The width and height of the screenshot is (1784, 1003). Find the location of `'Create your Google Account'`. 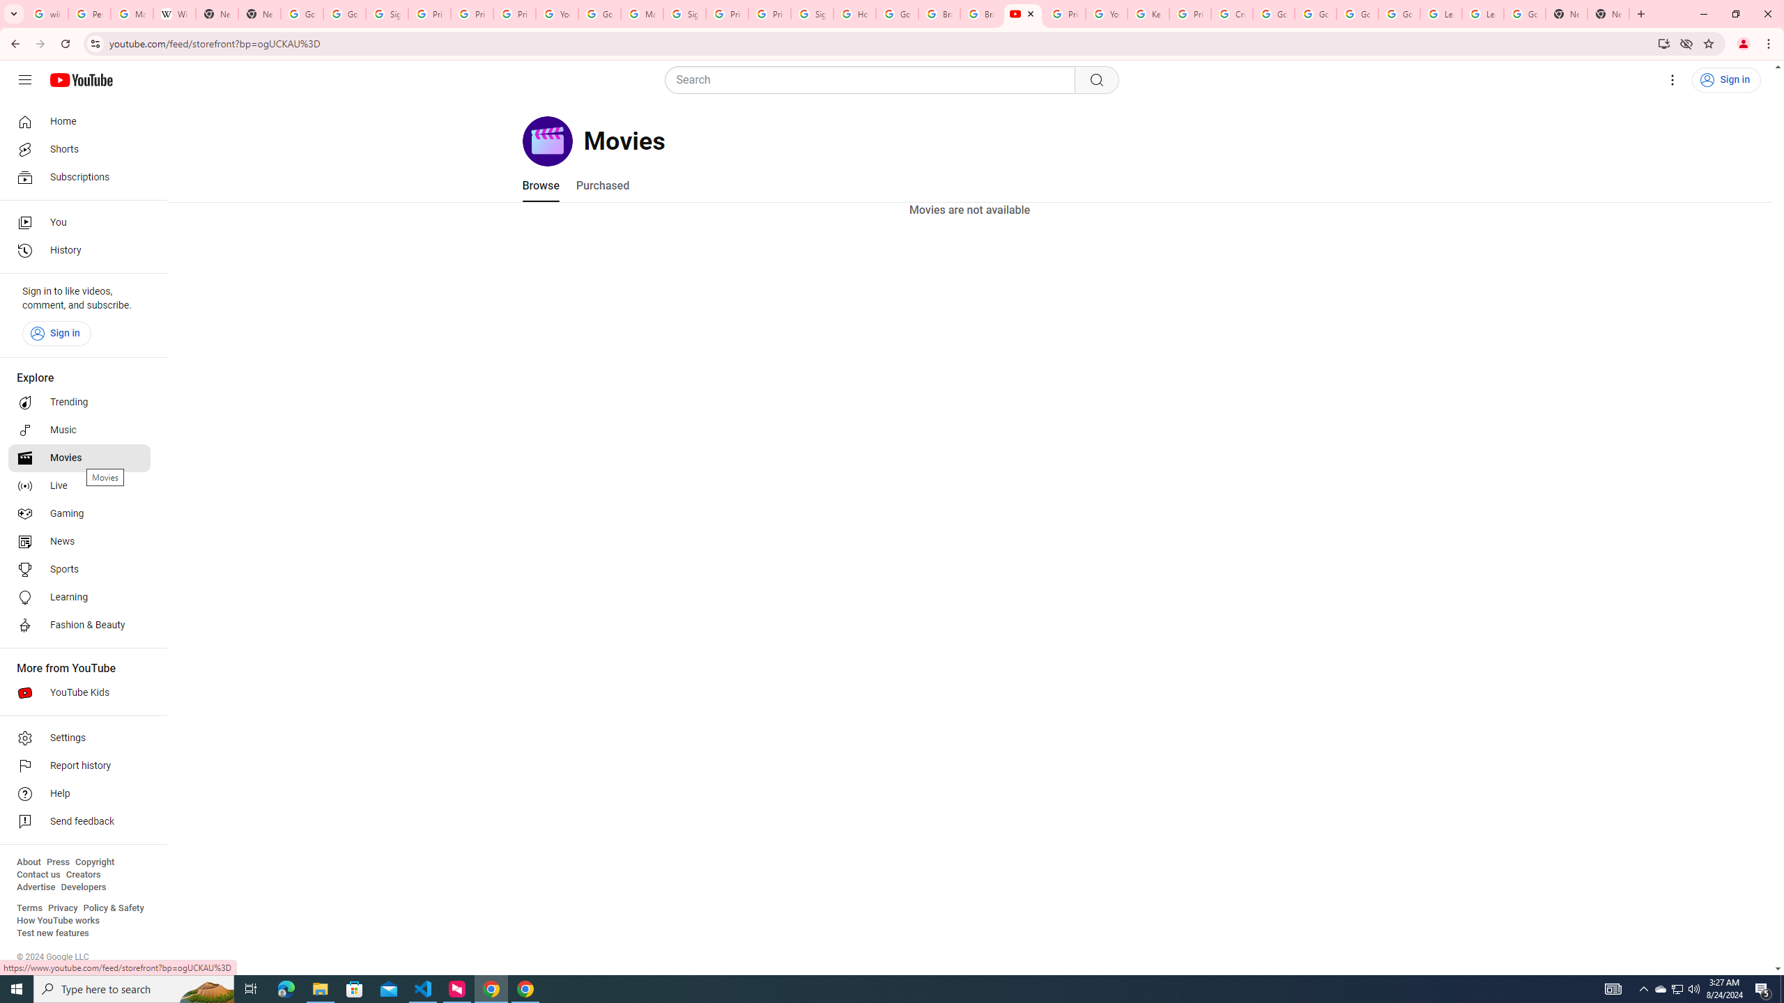

'Create your Google Account' is located at coordinates (1231, 13).